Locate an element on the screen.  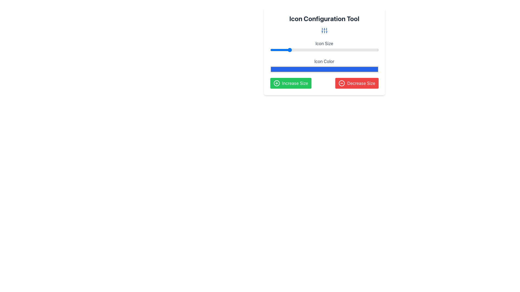
the icon size is located at coordinates (331, 50).